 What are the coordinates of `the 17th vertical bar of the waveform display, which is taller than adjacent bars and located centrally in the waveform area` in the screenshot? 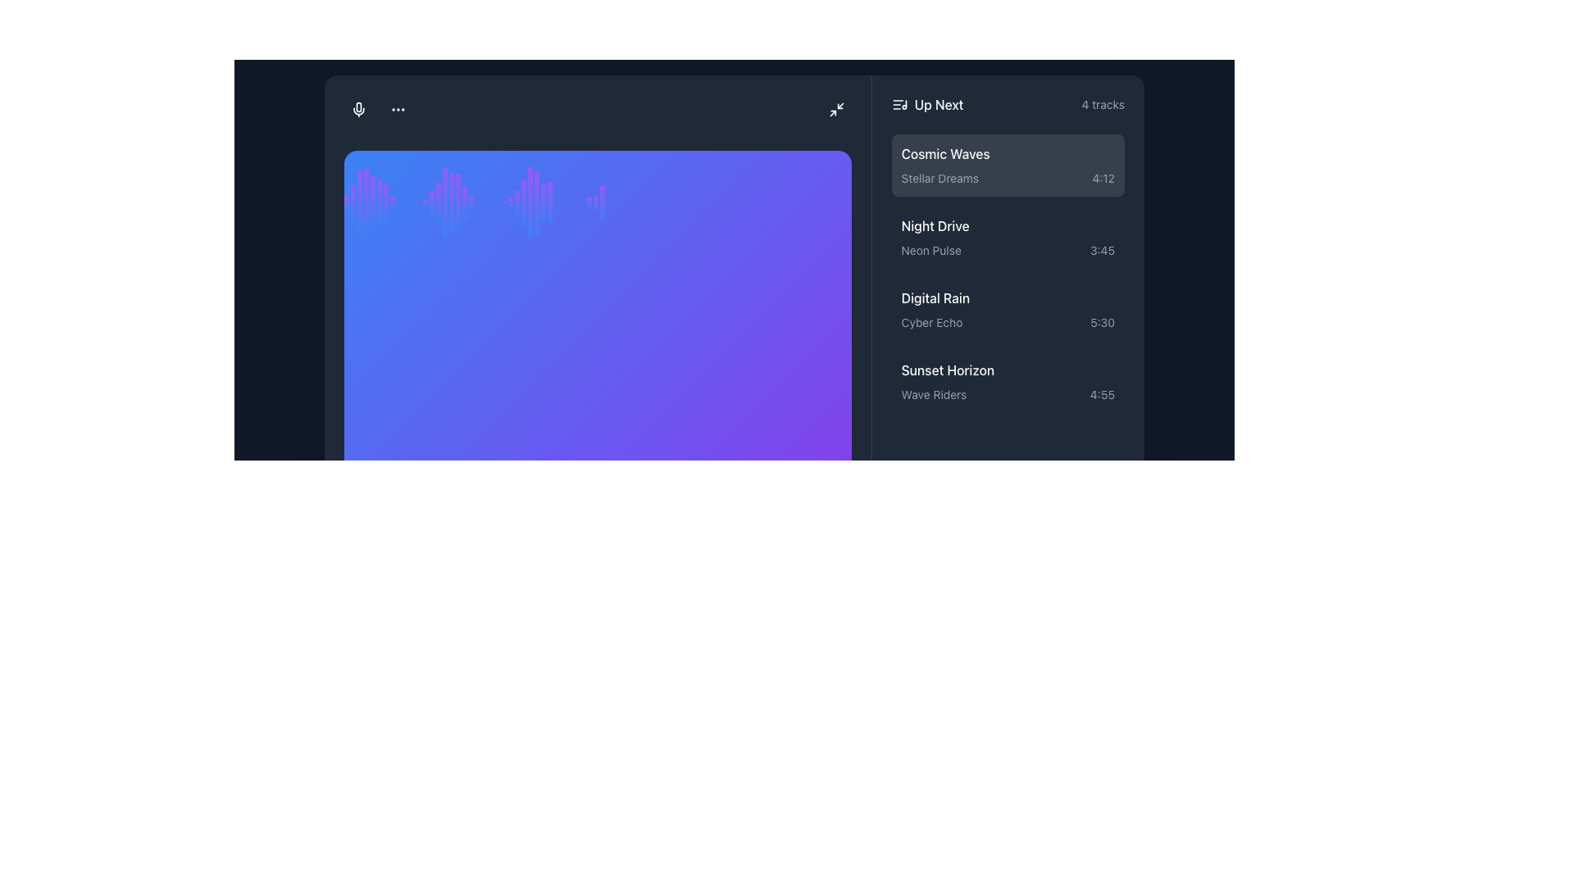 It's located at (452, 201).